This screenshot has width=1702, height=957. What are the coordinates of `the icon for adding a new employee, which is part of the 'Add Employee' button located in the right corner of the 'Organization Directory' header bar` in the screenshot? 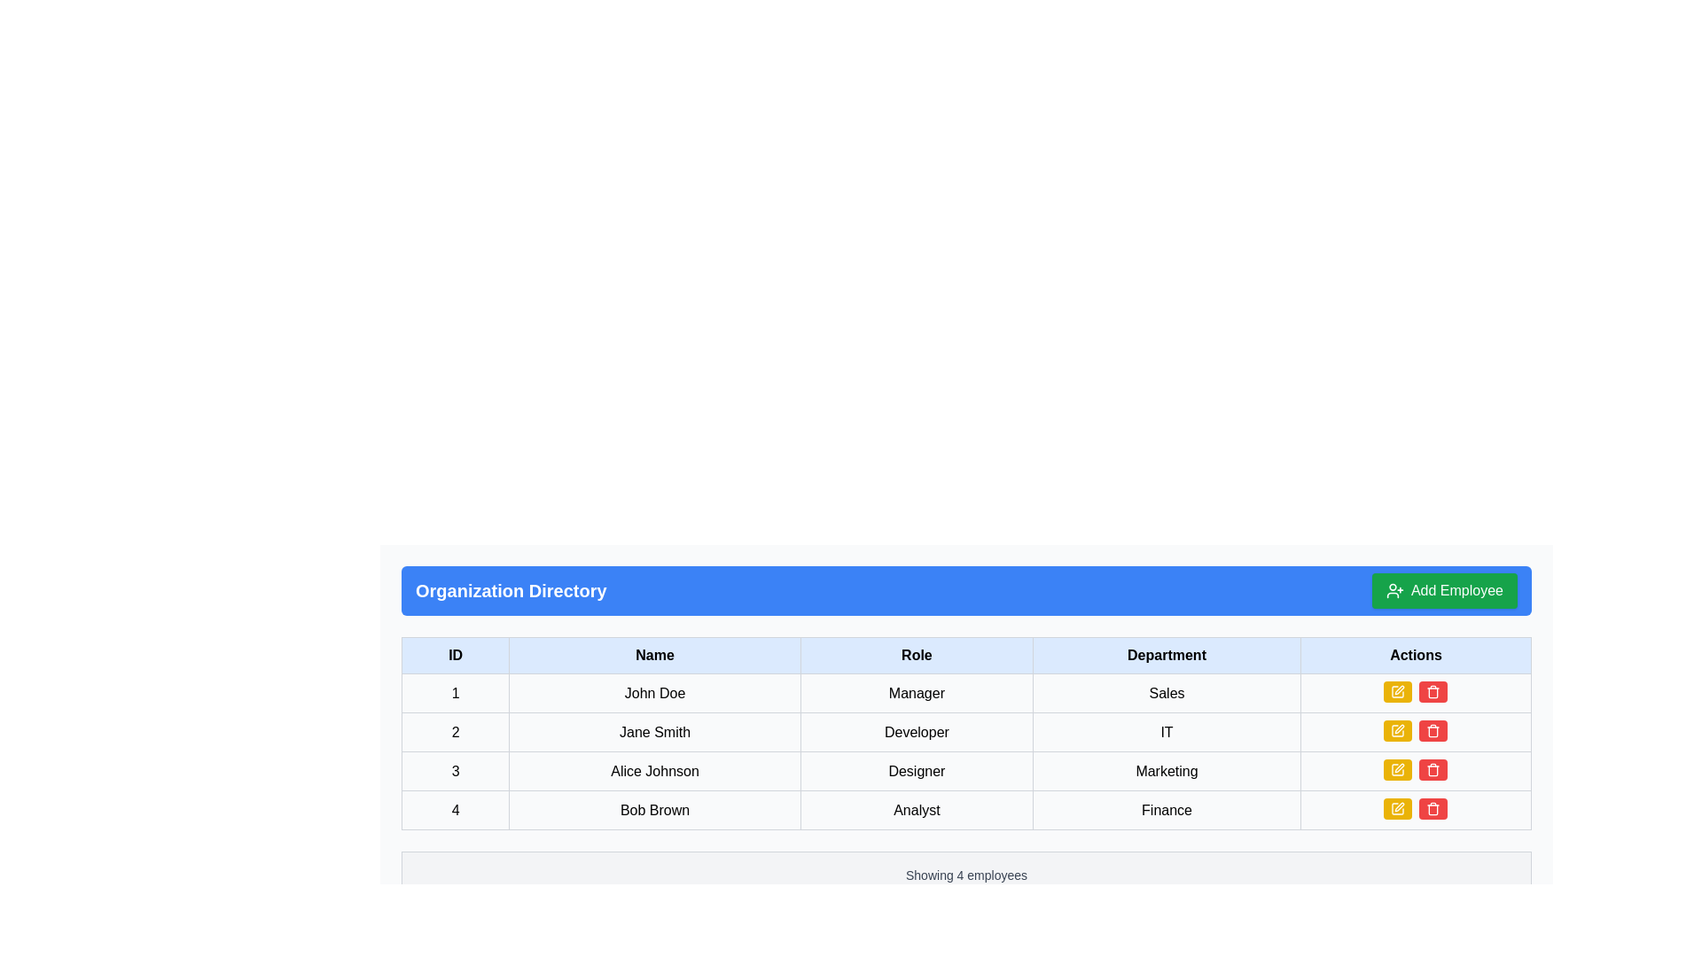 It's located at (1394, 591).